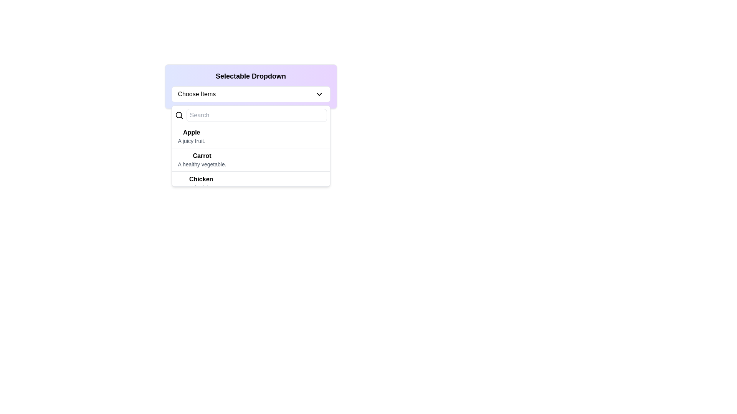  What do you see at coordinates (178, 115) in the screenshot?
I see `the static search icon located at the top section of the dropdown menu, which is positioned directly to the left of the 'Search' input field` at bounding box center [178, 115].